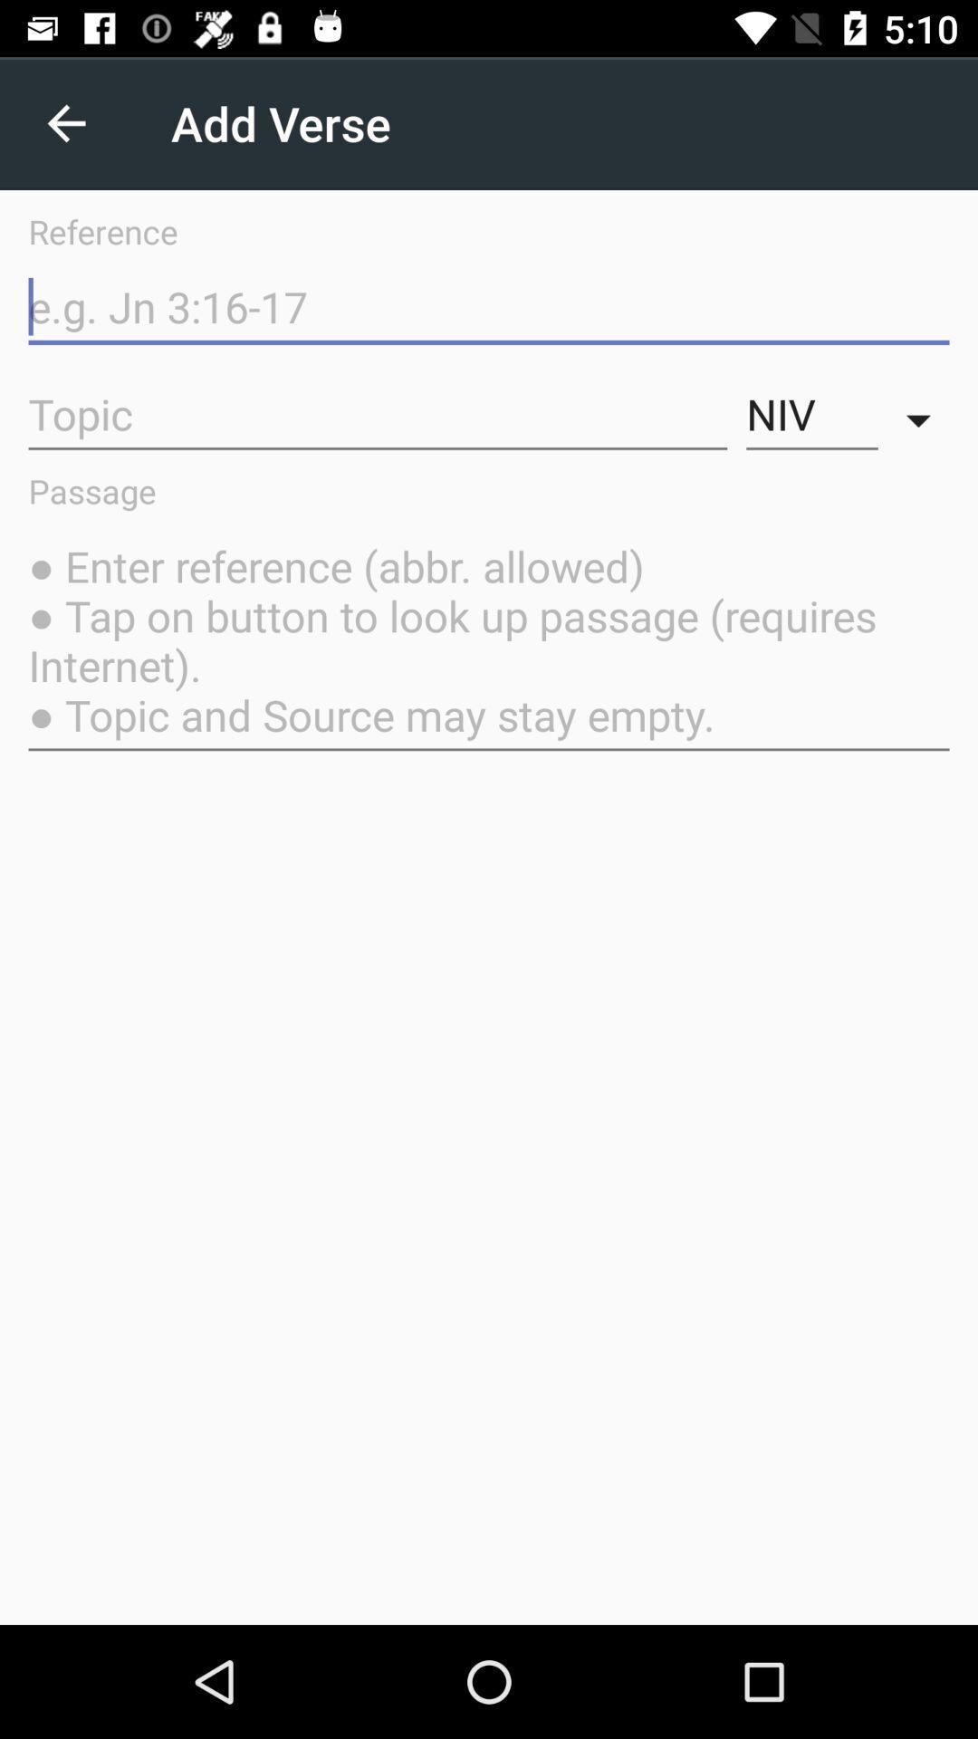 The width and height of the screenshot is (978, 1739). Describe the element at coordinates (65, 122) in the screenshot. I see `the app to the left of the add verse app` at that location.